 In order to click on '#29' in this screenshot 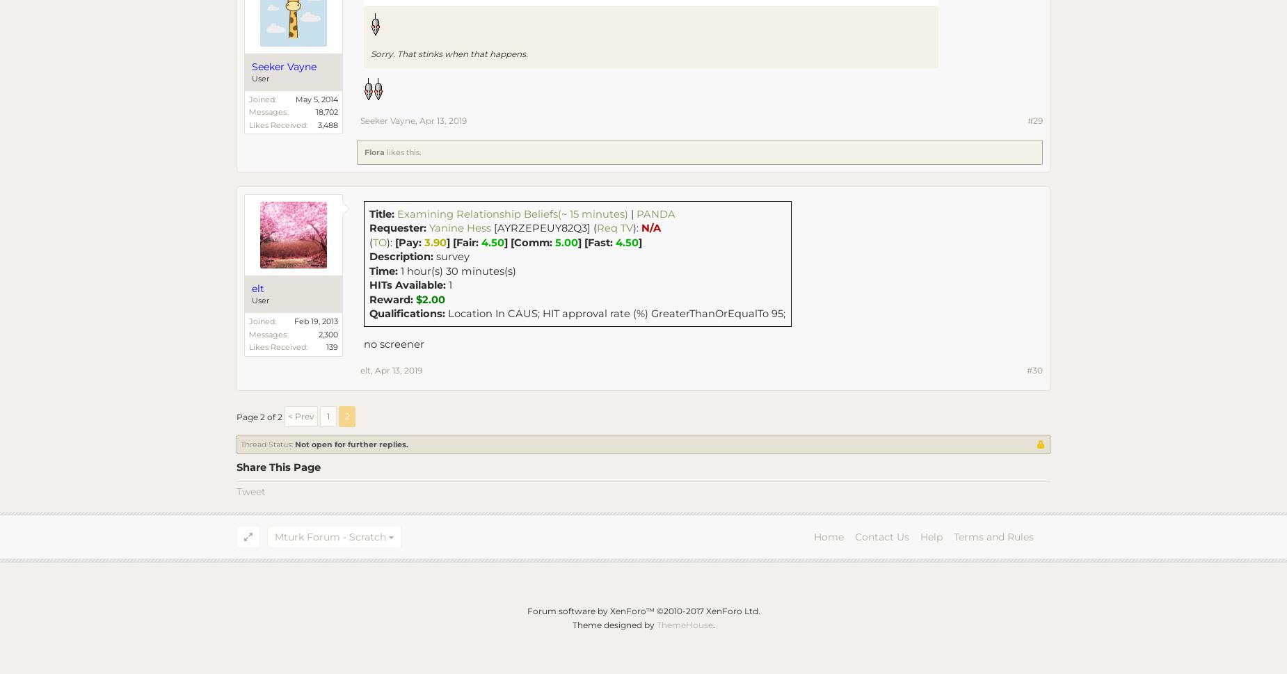, I will do `click(1034, 119)`.